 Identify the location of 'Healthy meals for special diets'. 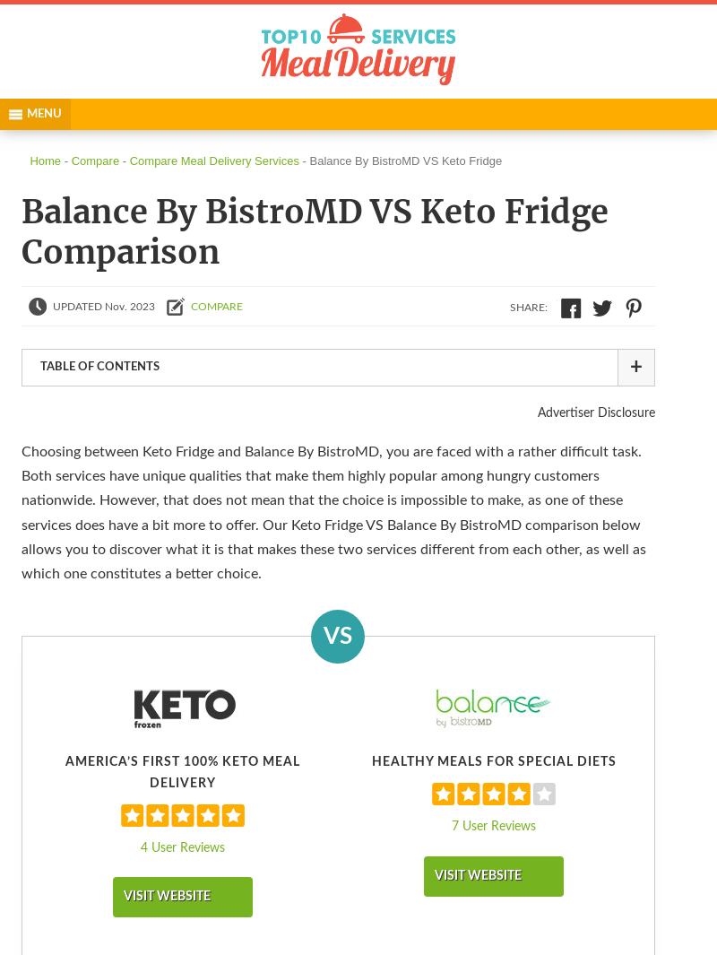
(493, 761).